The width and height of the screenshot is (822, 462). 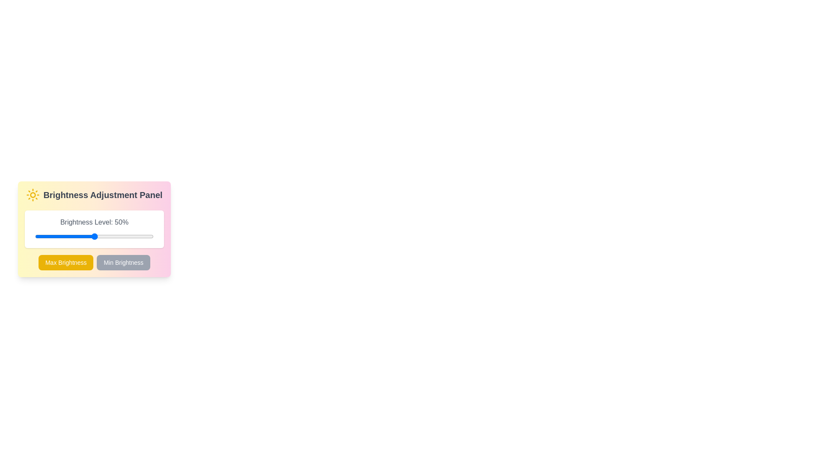 I want to click on the brightness by dragging the slider to 48%, so click(x=92, y=236).